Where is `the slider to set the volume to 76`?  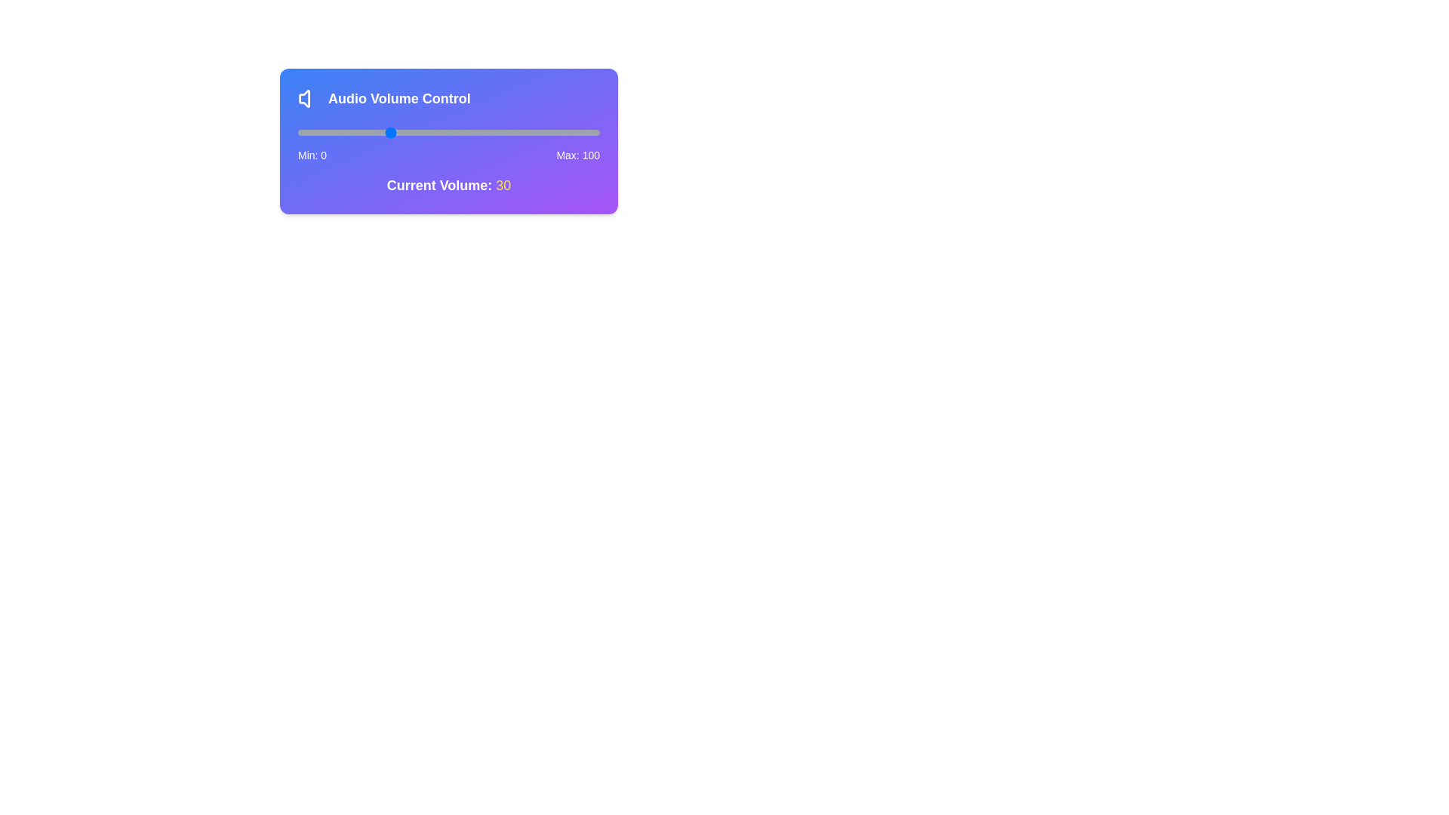 the slider to set the volume to 76 is located at coordinates (528, 132).